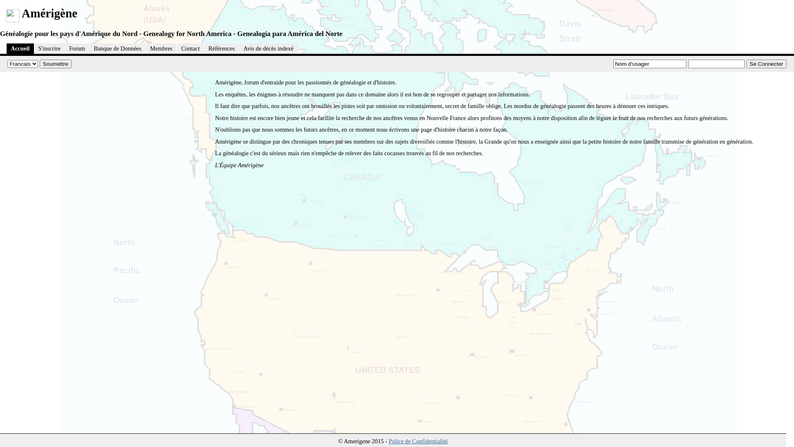 The width and height of the screenshot is (794, 447). I want to click on 'Membres', so click(161, 48).